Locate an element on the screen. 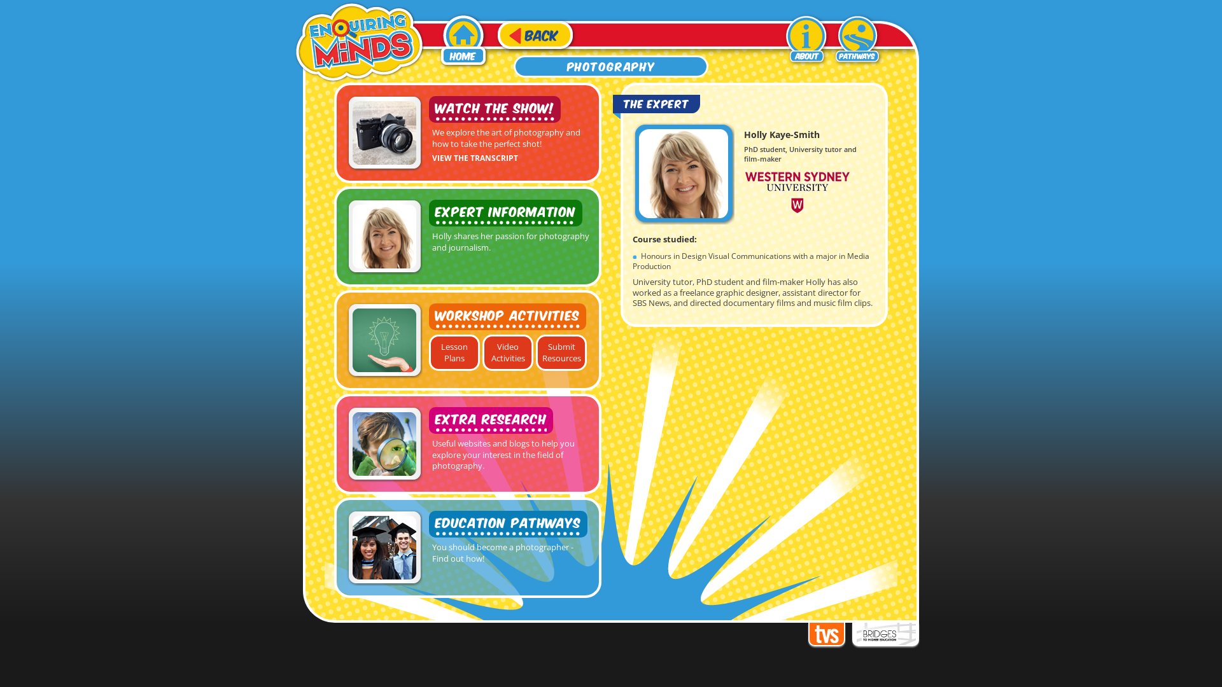 The image size is (1222, 687). 'photography-100x100' is located at coordinates (384, 132).